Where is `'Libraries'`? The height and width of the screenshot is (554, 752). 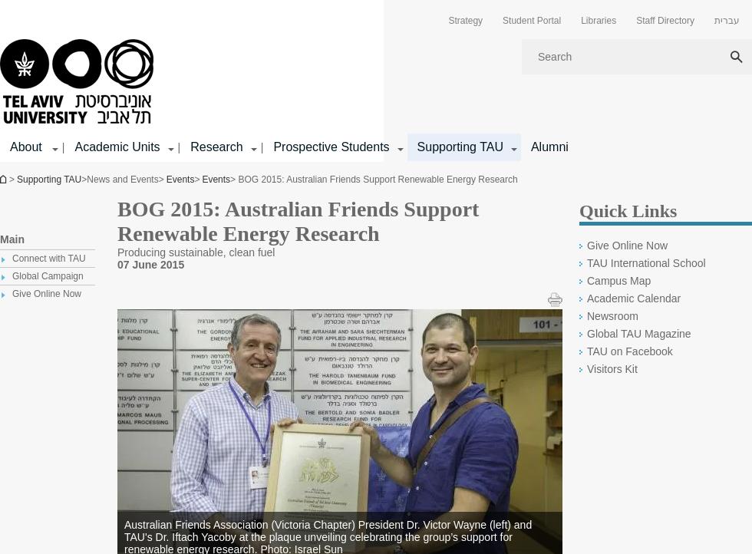 'Libraries' is located at coordinates (580, 21).